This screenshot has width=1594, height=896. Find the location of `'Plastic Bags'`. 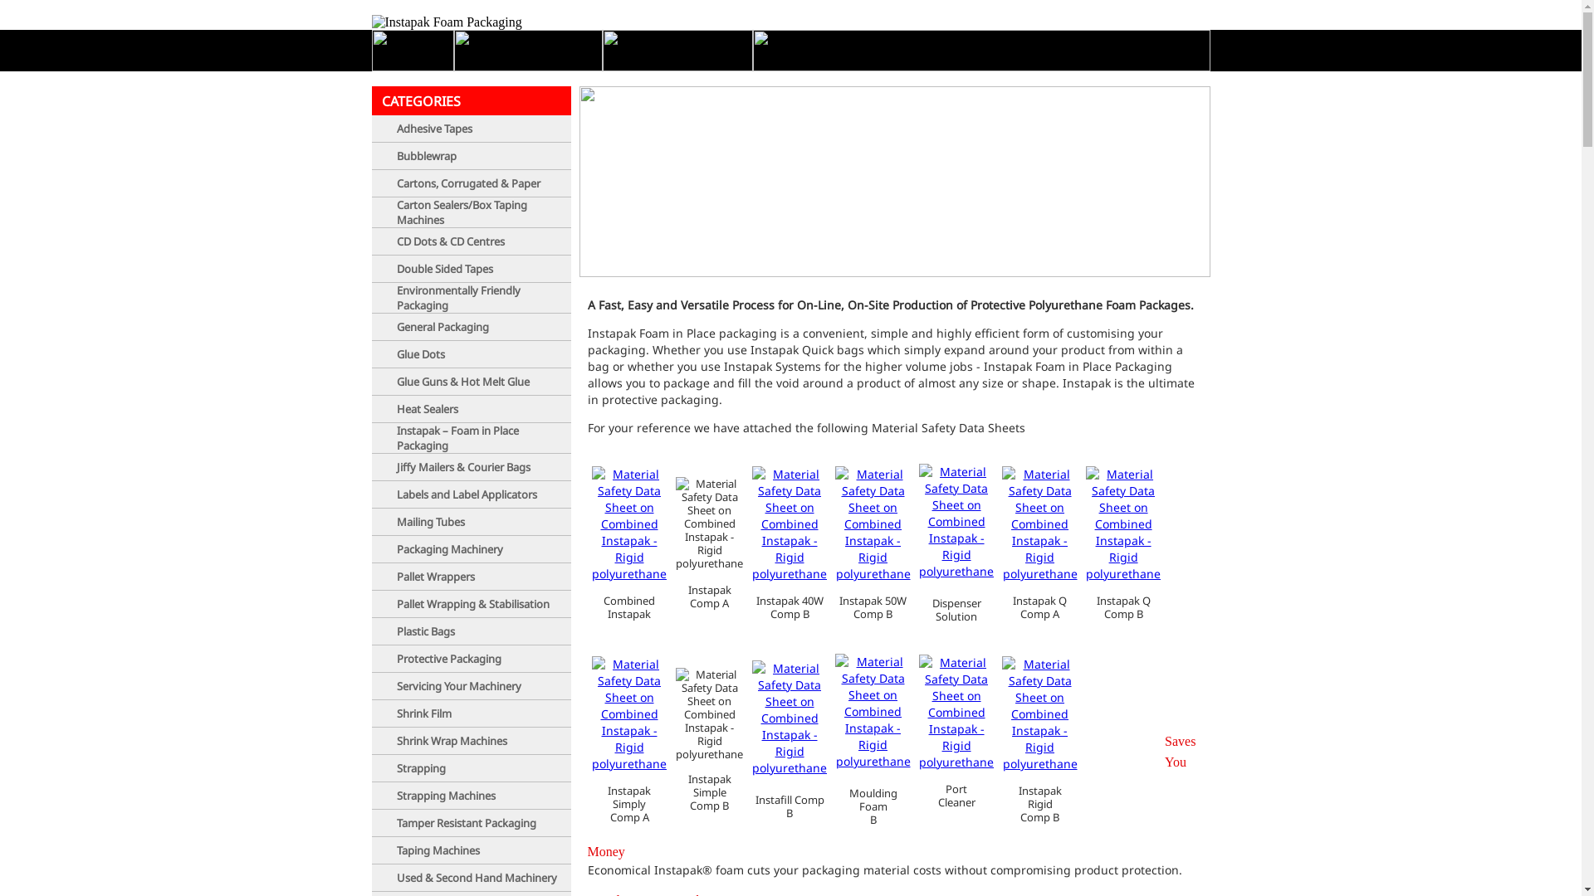

'Plastic Bags' is located at coordinates (396, 631).